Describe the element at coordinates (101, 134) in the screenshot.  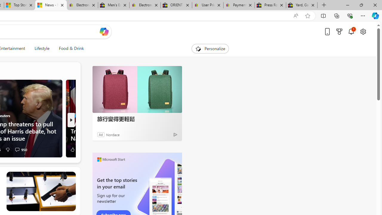
I see `'Ad'` at that location.